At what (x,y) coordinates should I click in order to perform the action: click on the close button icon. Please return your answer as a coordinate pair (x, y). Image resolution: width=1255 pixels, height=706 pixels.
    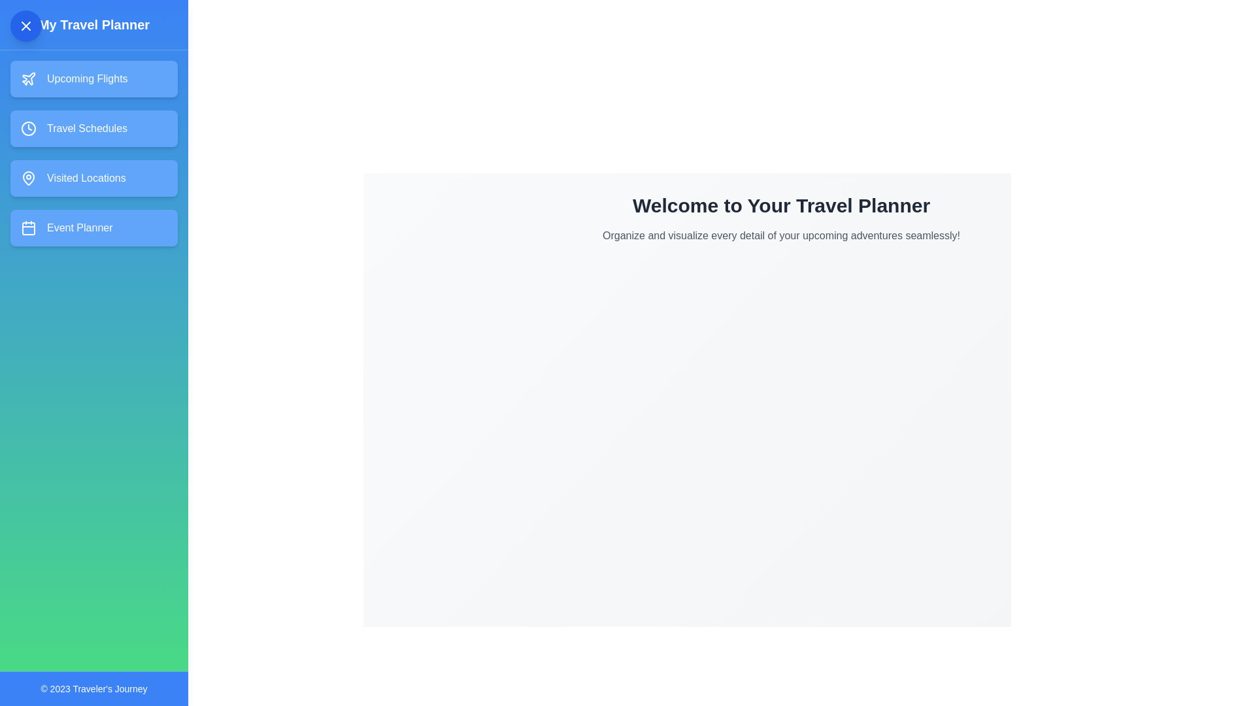
    Looking at the image, I should click on (25, 25).